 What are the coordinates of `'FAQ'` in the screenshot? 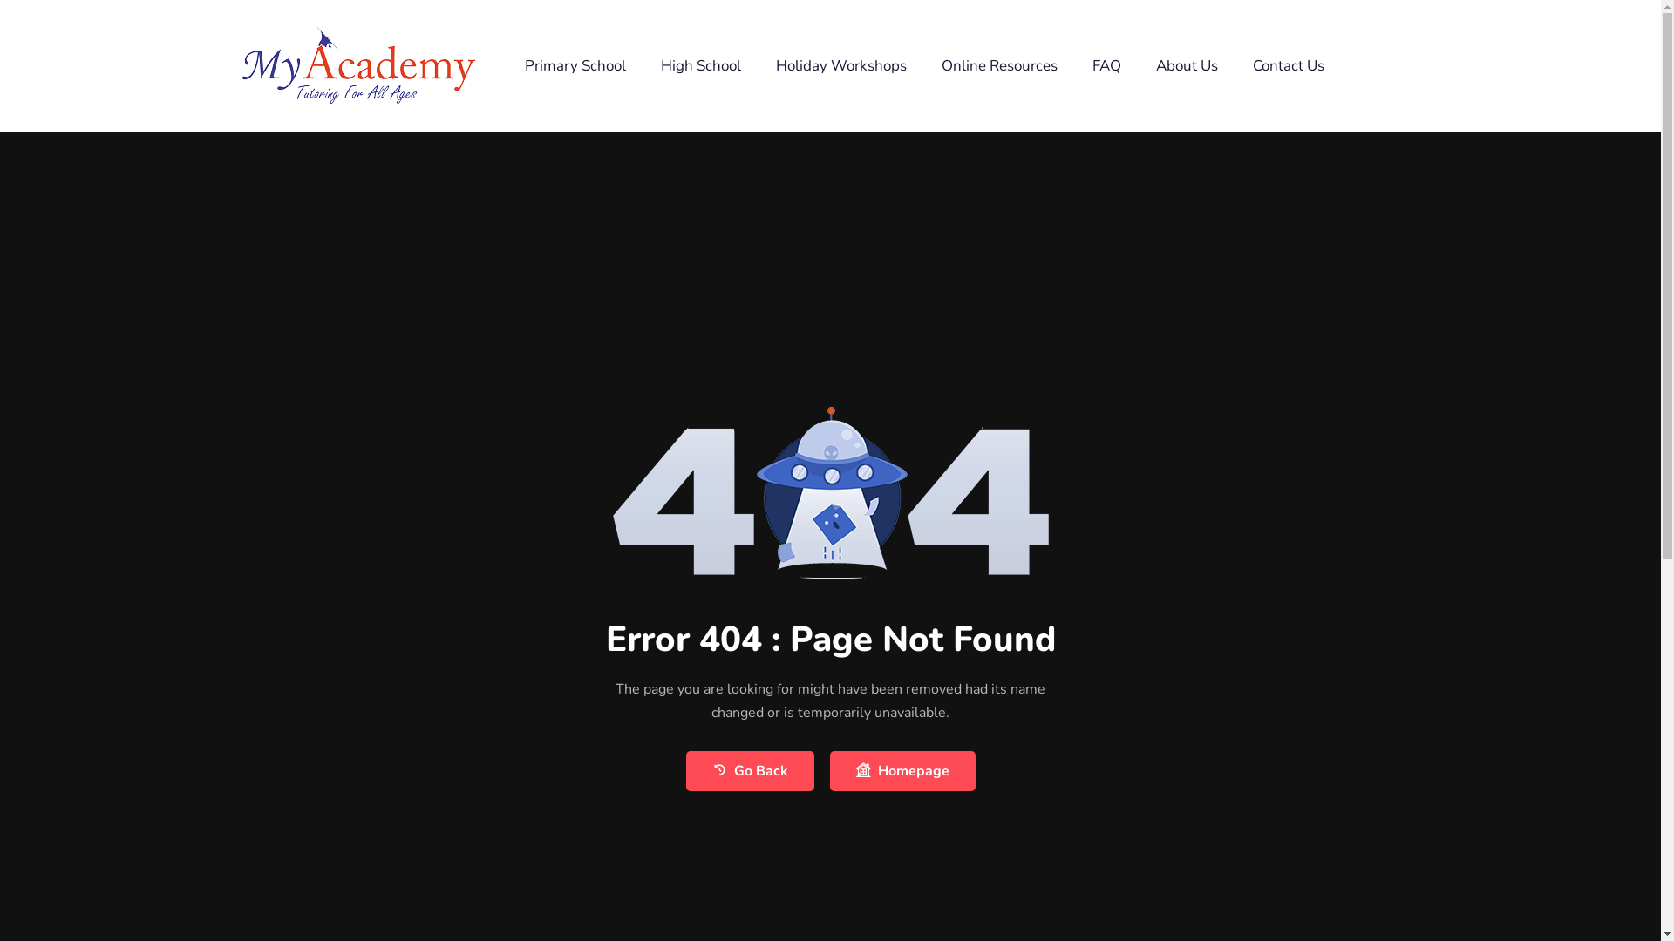 It's located at (1106, 64).